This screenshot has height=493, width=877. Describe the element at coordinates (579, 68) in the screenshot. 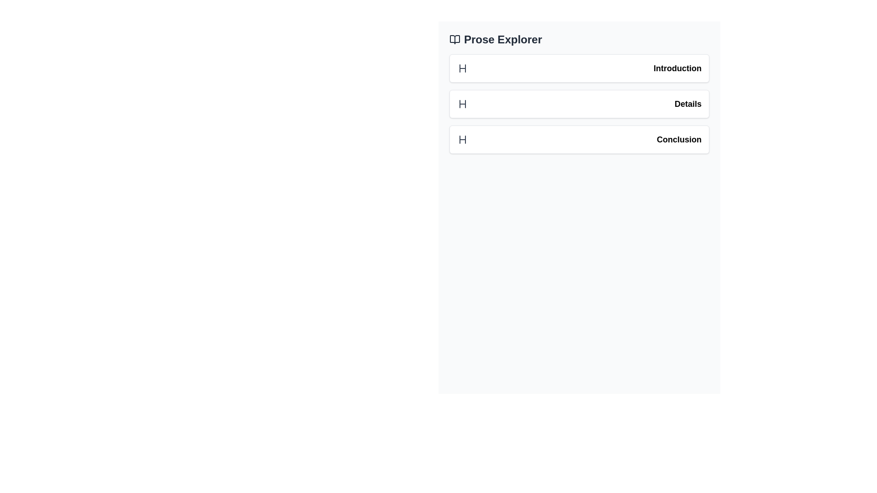

I see `the topmost clickable list item that expands the 'Introduction' section, located above the 'Details' and 'Conclusion' rows` at that location.